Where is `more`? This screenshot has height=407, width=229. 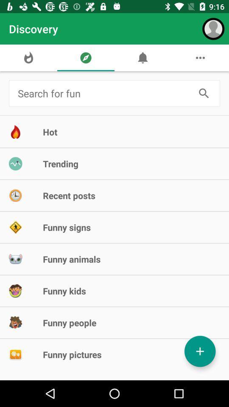 more is located at coordinates (200, 351).